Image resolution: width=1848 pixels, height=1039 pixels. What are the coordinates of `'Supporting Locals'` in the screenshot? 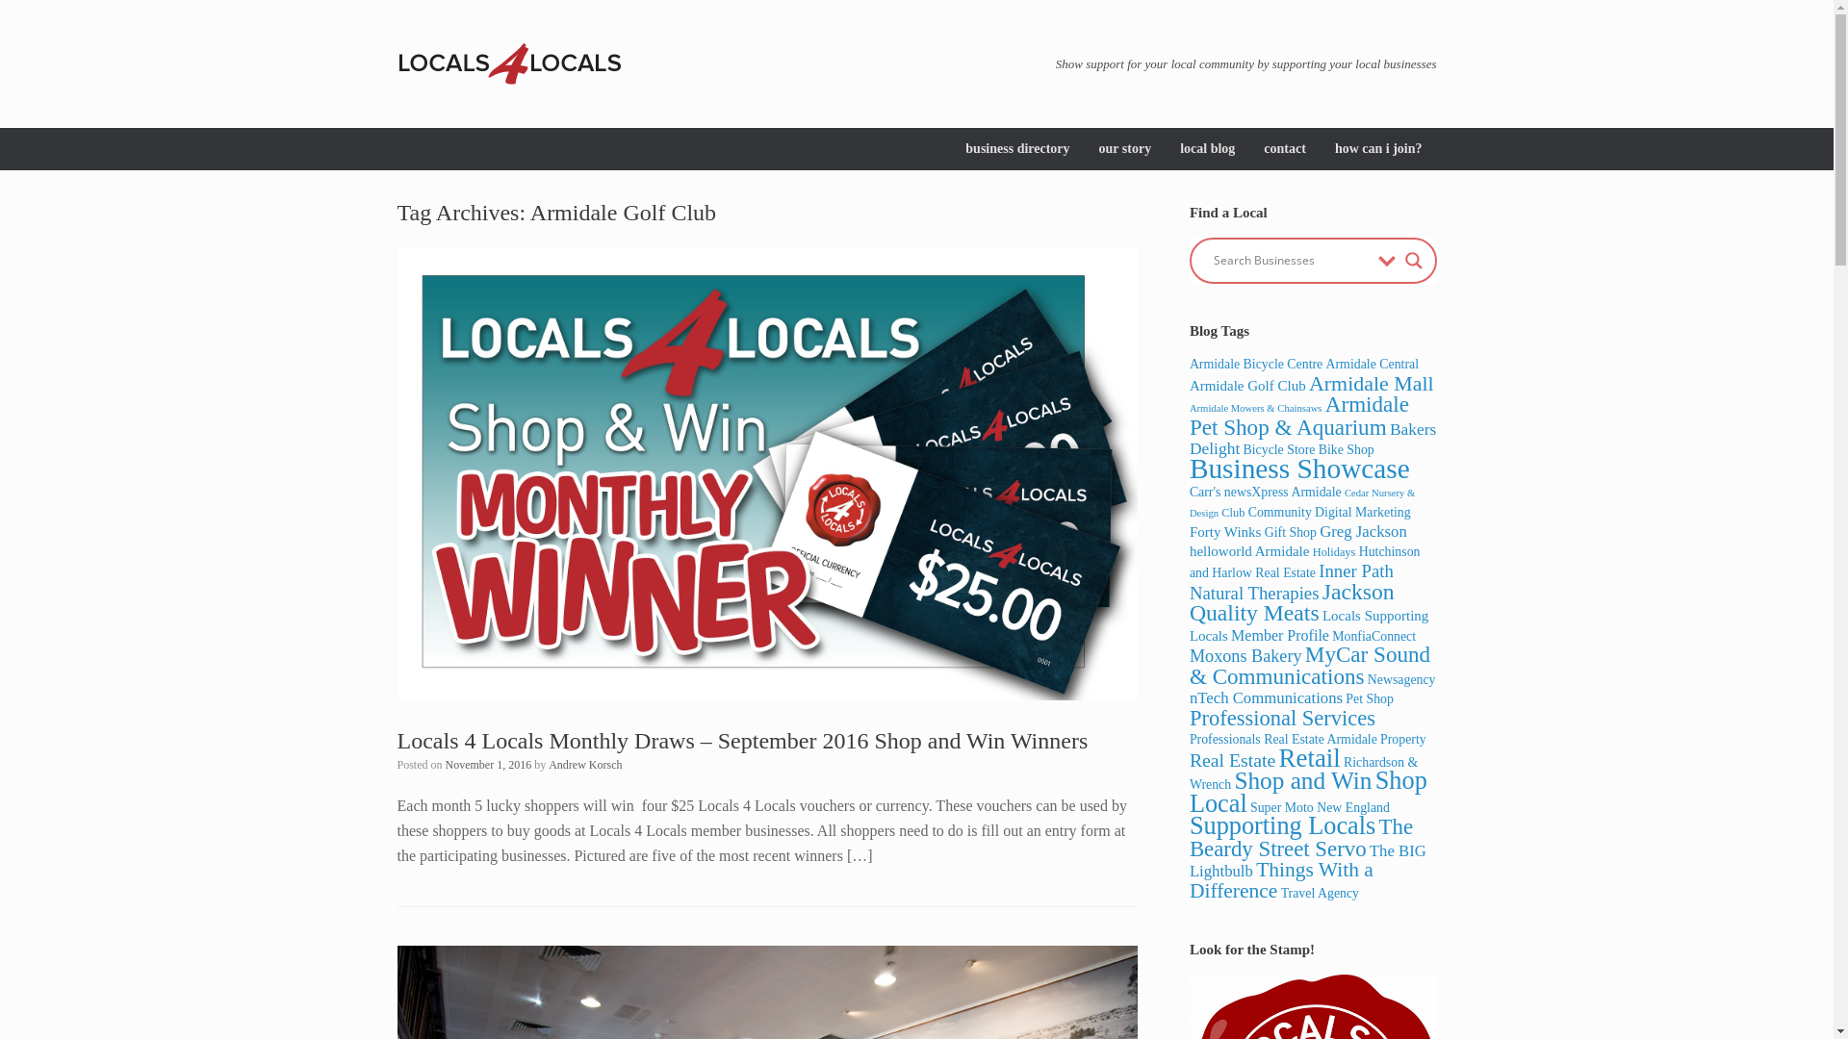 It's located at (1282, 824).